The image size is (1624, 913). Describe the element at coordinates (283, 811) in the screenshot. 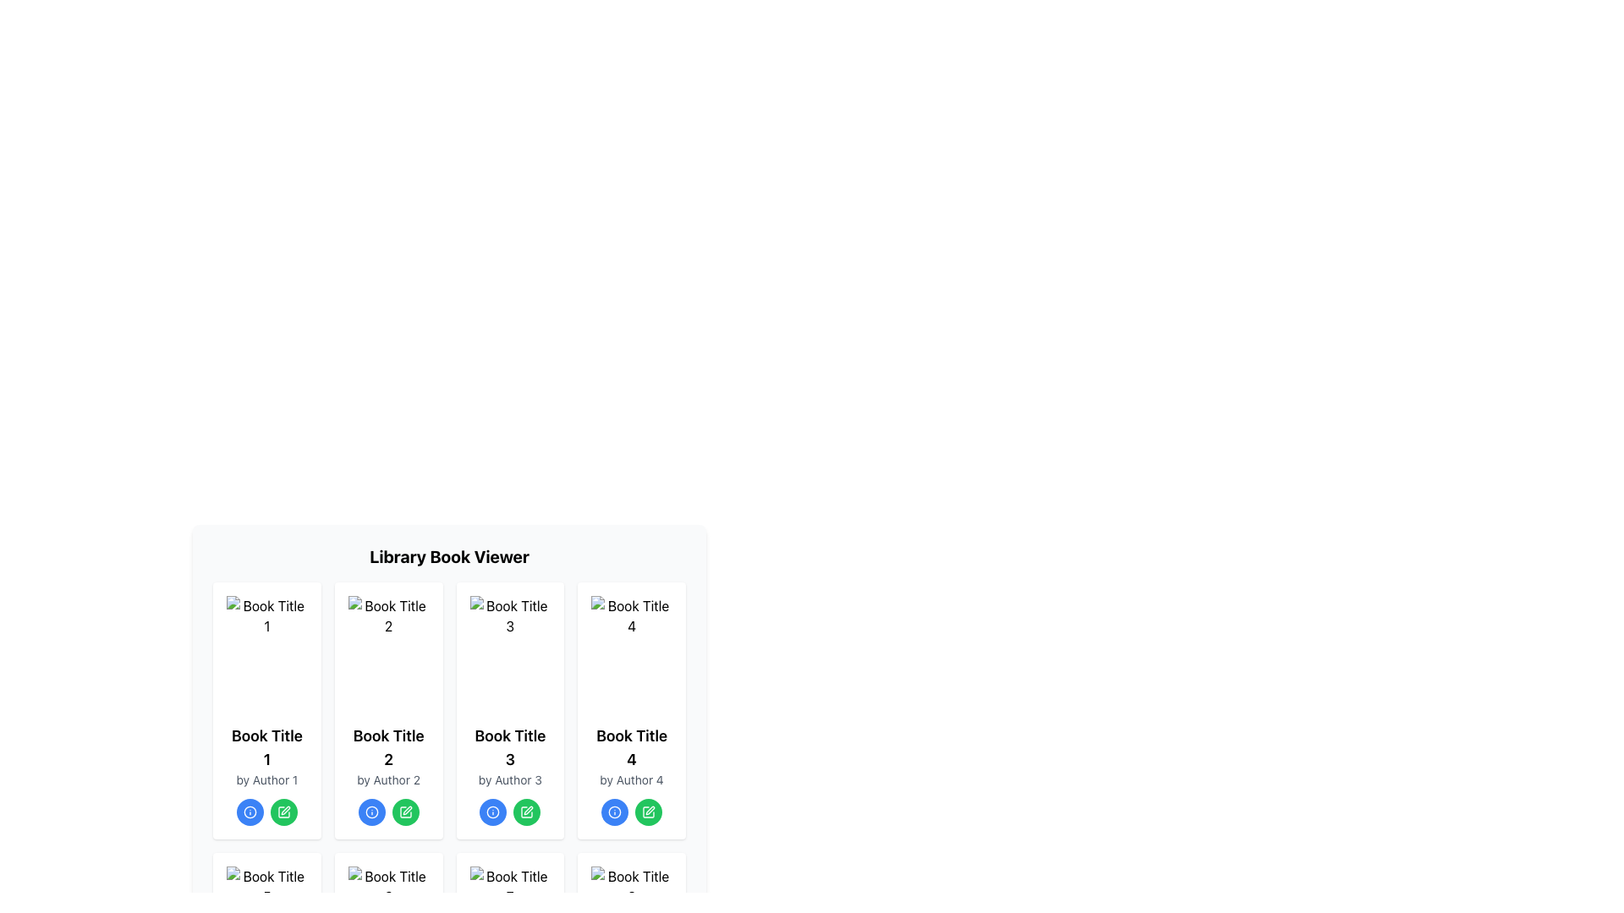

I see `the editing button located under the author details of the first book entry` at that location.